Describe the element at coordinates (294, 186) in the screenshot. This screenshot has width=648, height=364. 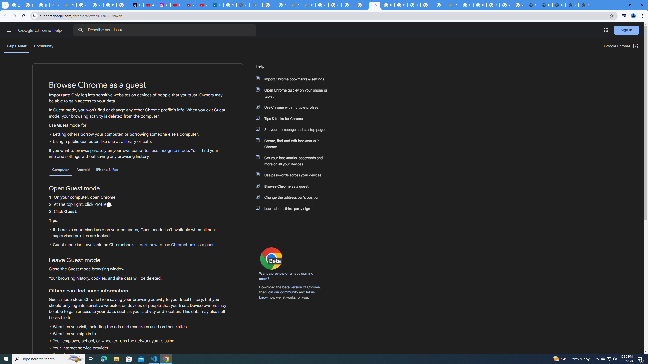
I see `'Browse Chrome as a guest'` at that location.